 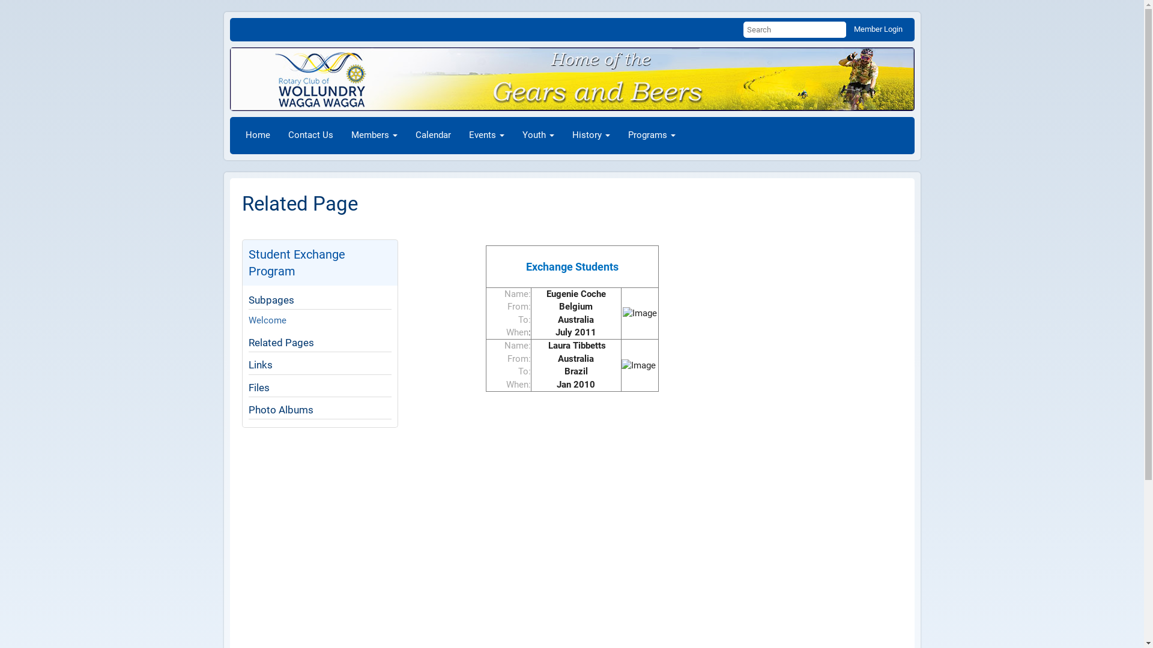 What do you see at coordinates (486, 135) in the screenshot?
I see `'Events'` at bounding box center [486, 135].